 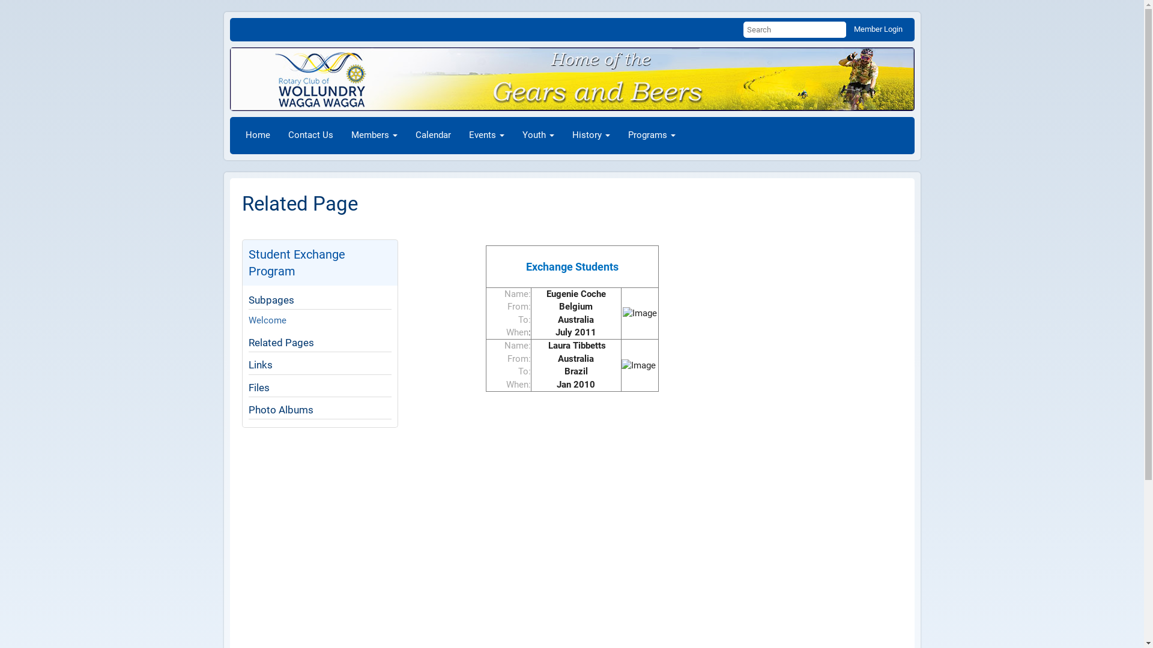 What do you see at coordinates (486, 135) in the screenshot?
I see `'Events'` at bounding box center [486, 135].